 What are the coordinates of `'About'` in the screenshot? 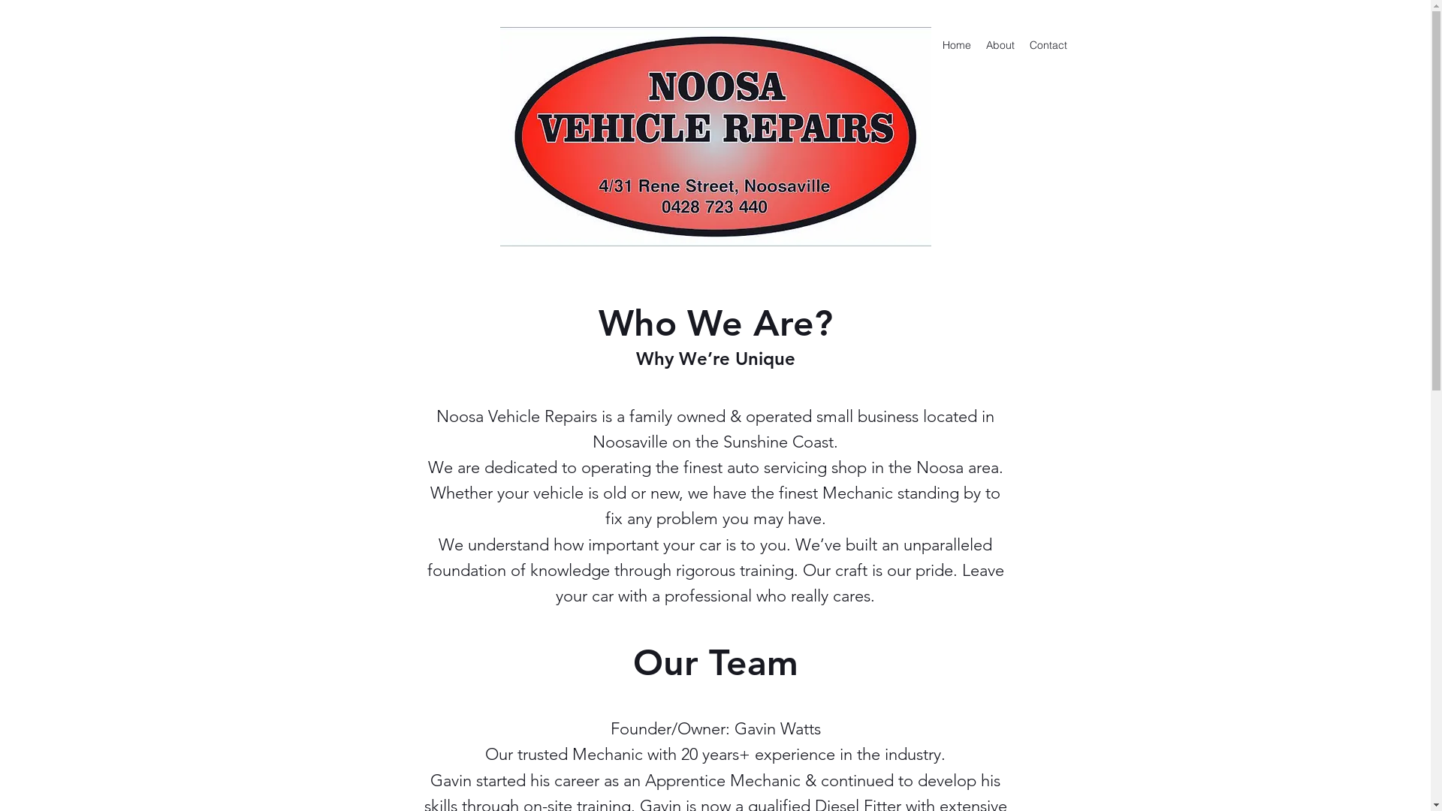 It's located at (999, 44).